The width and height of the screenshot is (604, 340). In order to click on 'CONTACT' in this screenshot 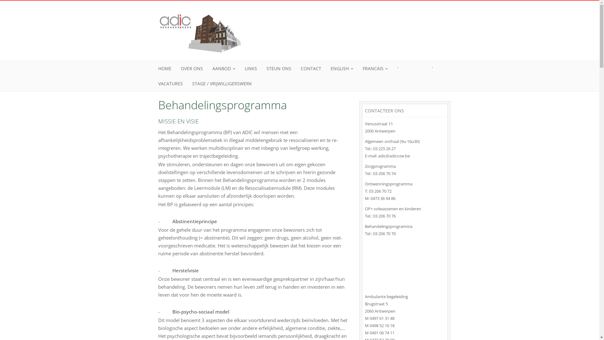, I will do `click(310, 69)`.